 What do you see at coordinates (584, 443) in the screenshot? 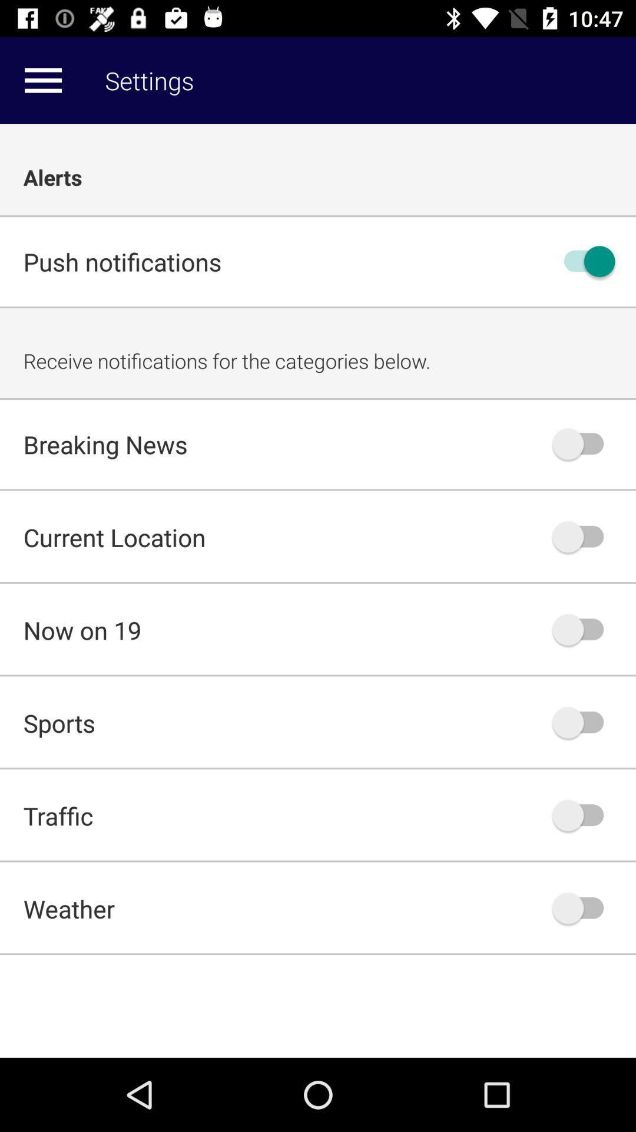
I see `option` at bounding box center [584, 443].